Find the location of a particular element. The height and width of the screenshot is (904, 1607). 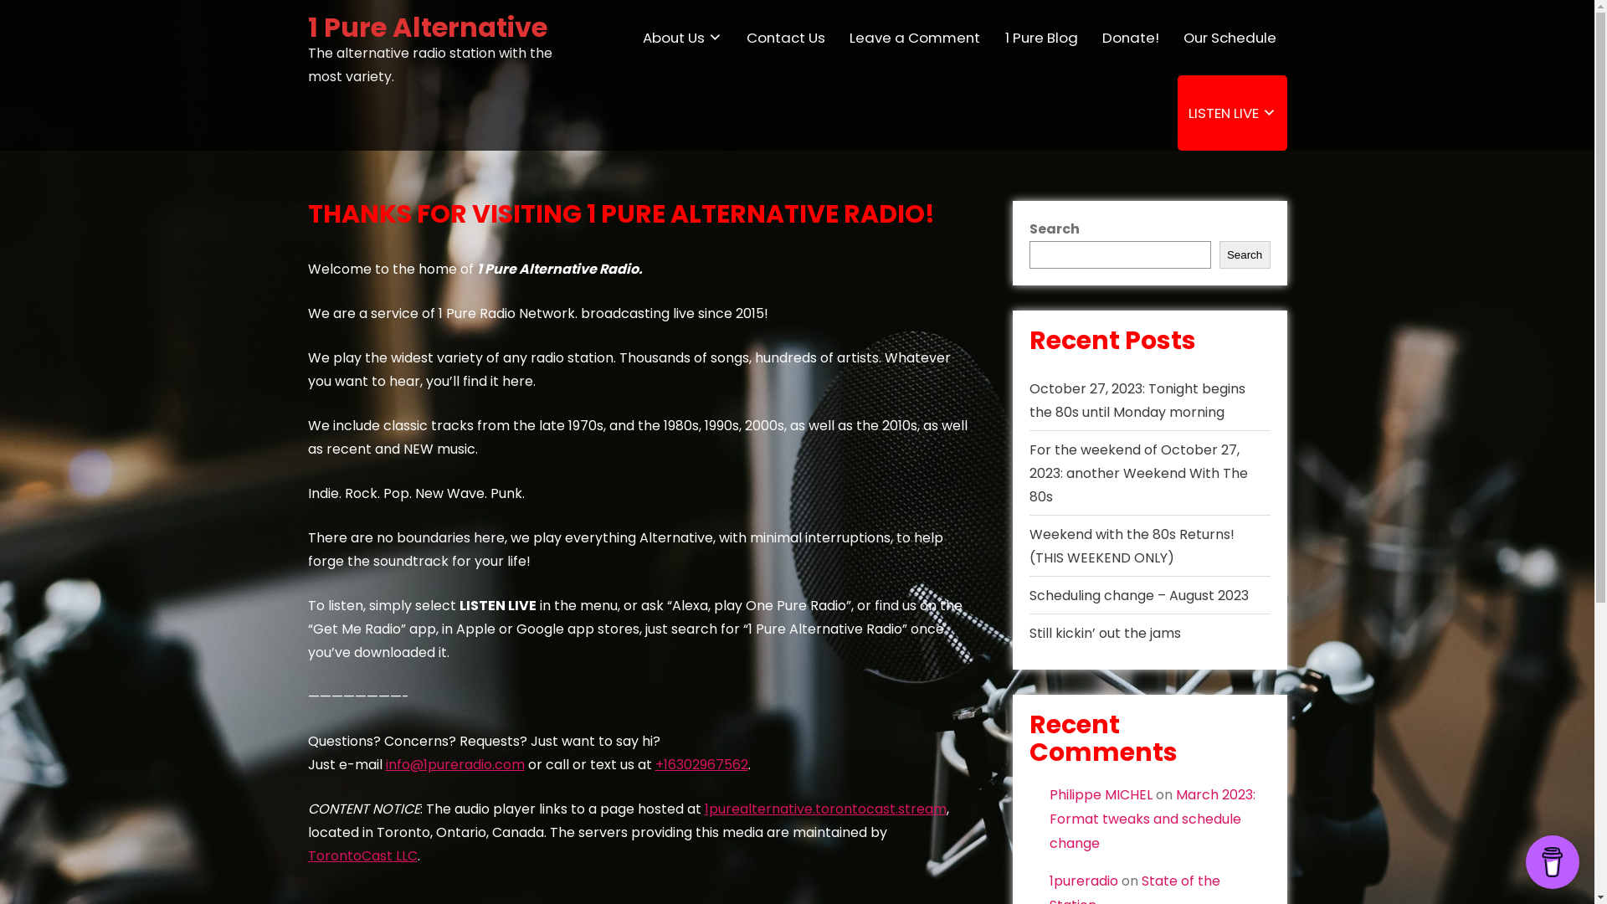

'TorontoCast LLC' is located at coordinates (362, 855).